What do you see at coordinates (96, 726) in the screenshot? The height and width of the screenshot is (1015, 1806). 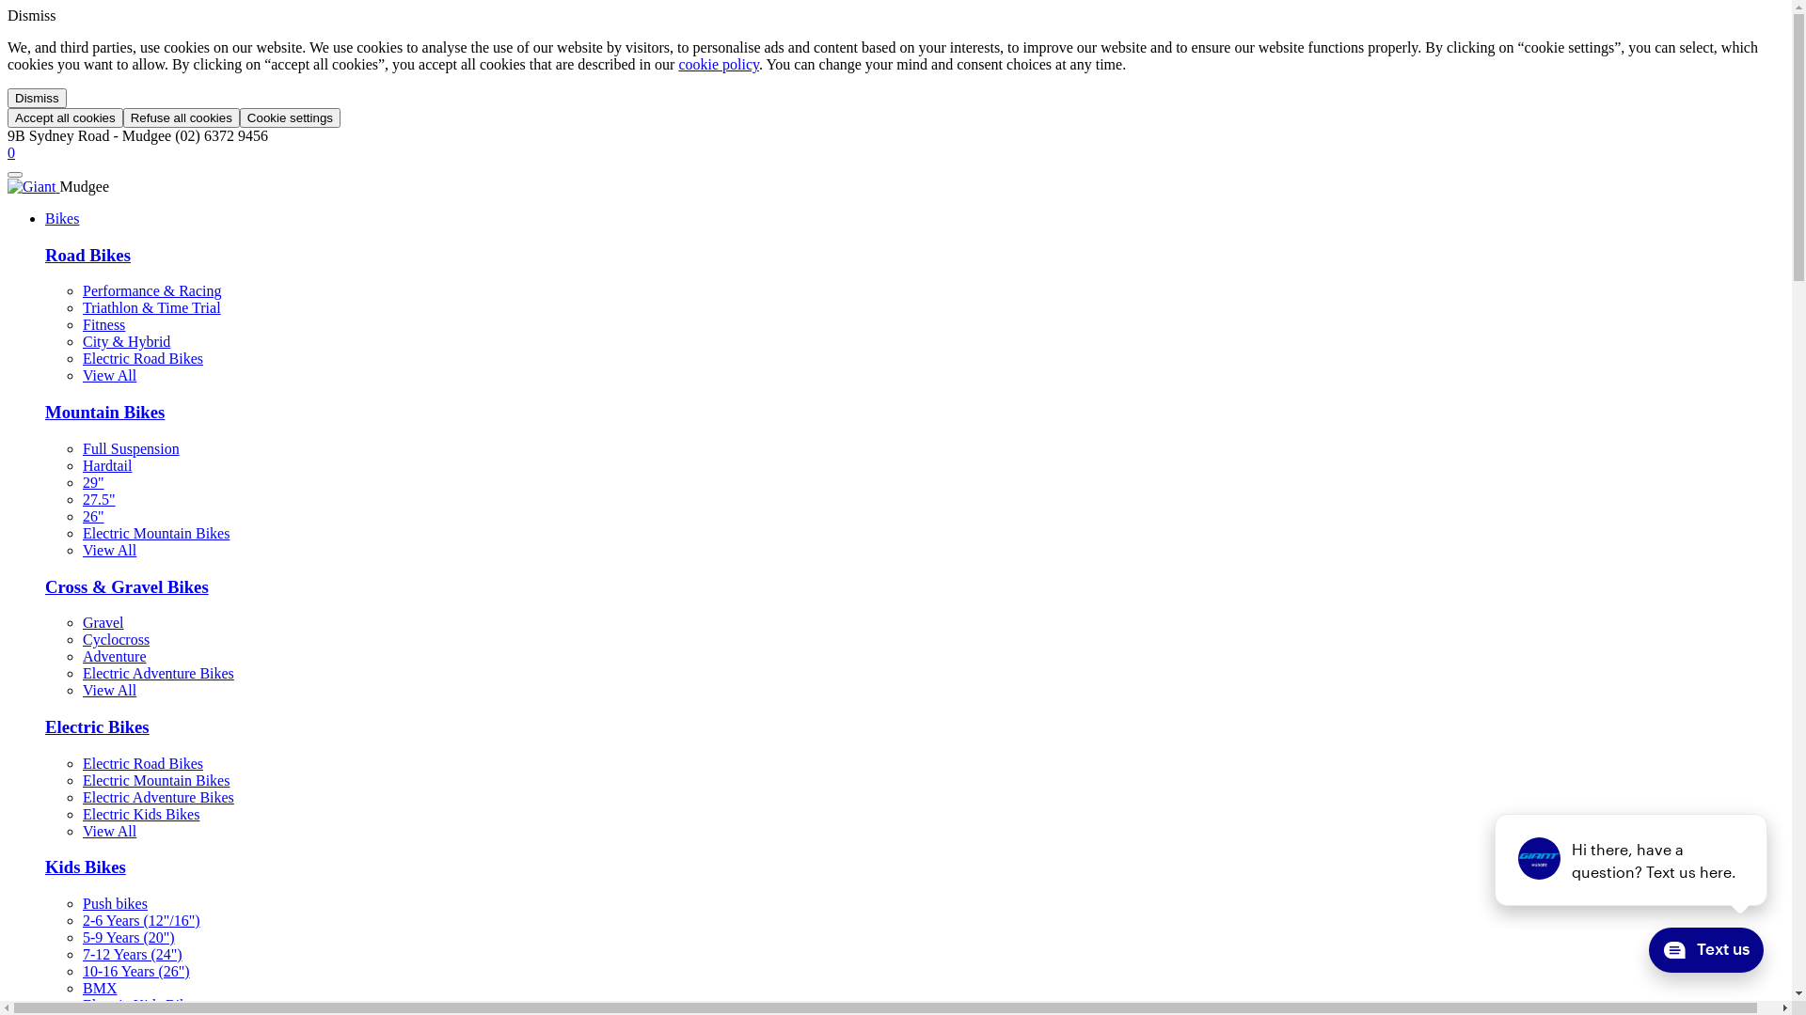 I see `'Electric Bikes'` at bounding box center [96, 726].